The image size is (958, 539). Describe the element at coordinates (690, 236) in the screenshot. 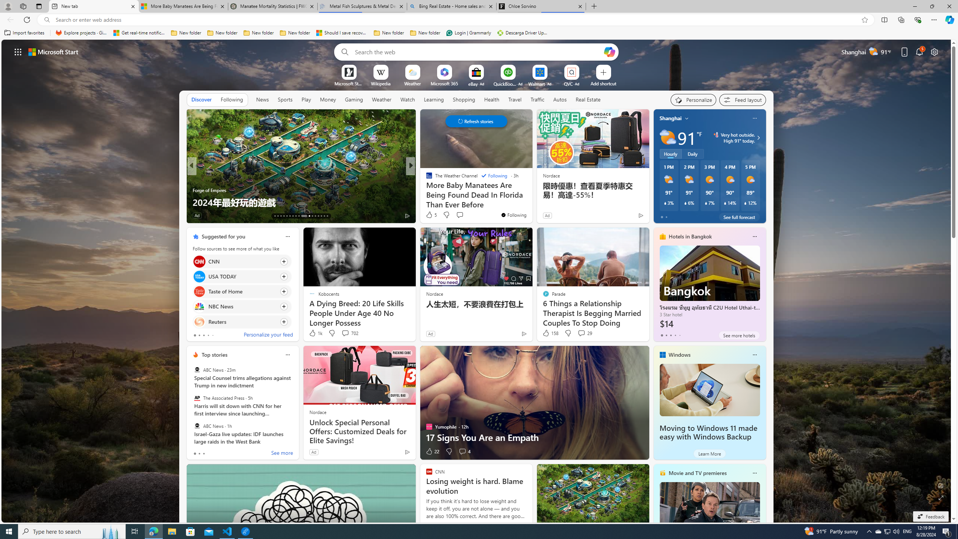

I see `'Hotels in Bangkok'` at that location.